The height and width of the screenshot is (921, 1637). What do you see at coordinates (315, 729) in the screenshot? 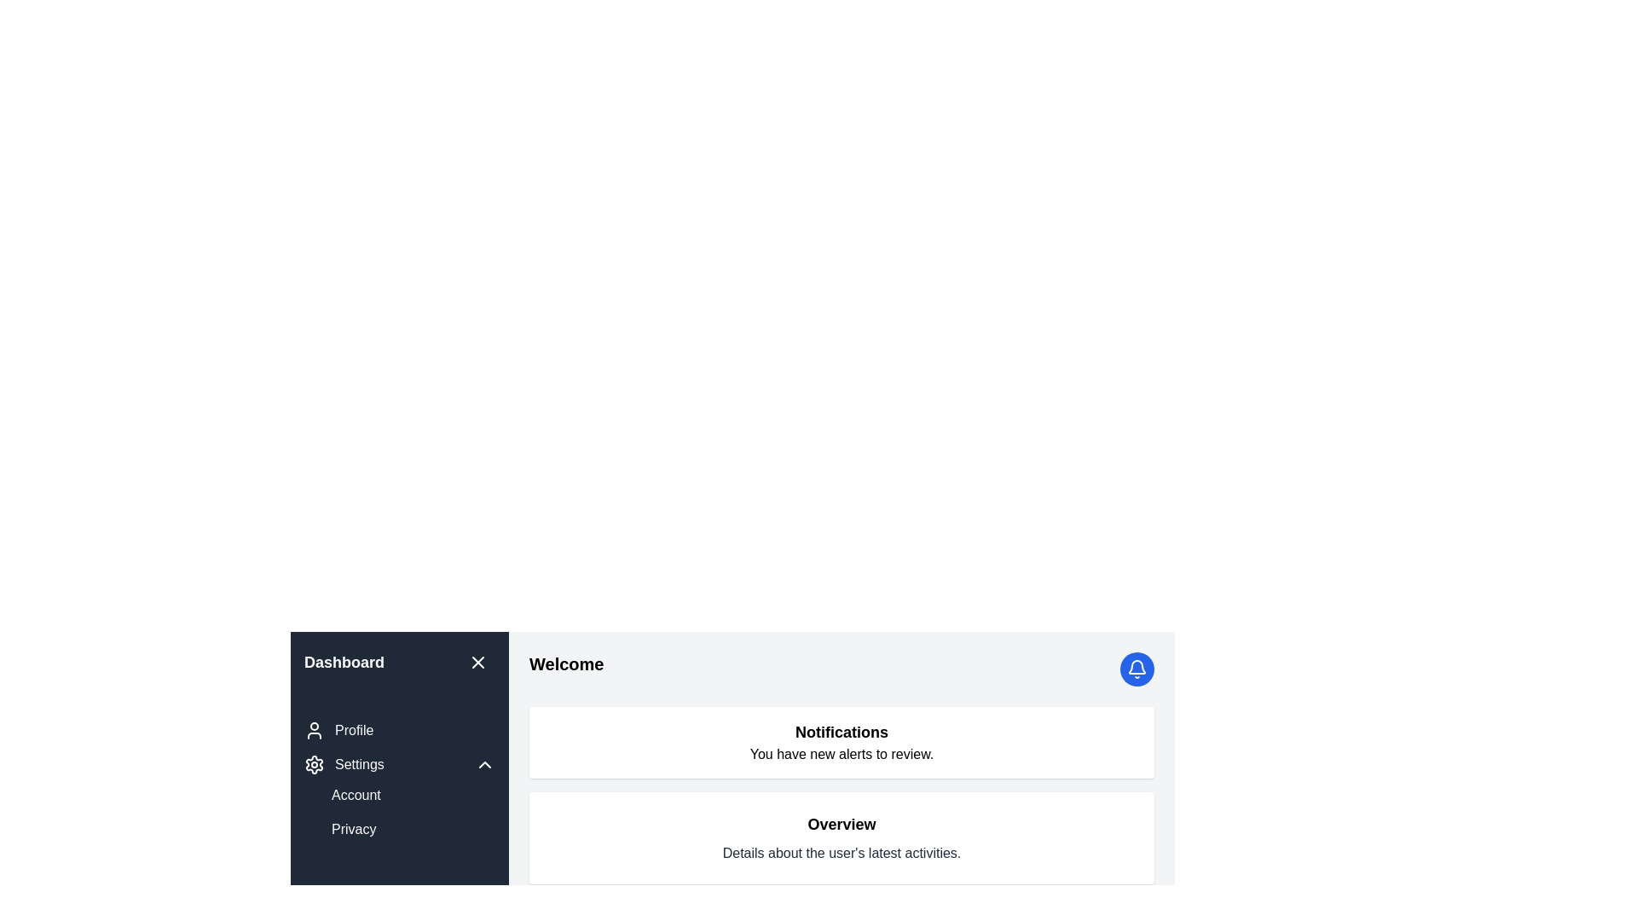
I see `the user-profile SVG icon located in the left-hand vertical navigation menu, adjacent to the 'Profile' text label` at bounding box center [315, 729].